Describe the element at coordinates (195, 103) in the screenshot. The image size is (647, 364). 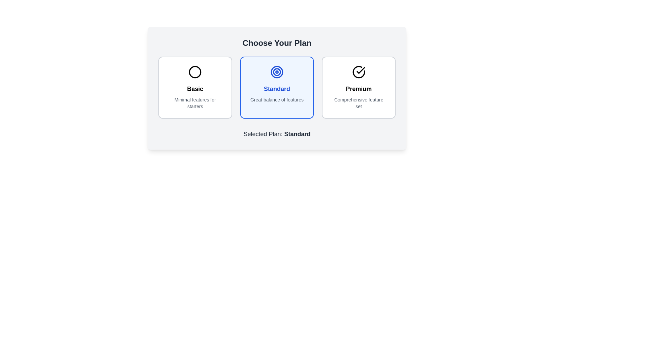
I see `the text label that reads 'Minimal features for starters', which is styled in a smaller gray font and located below the headline 'Basic' in the 'Basic' plan card` at that location.